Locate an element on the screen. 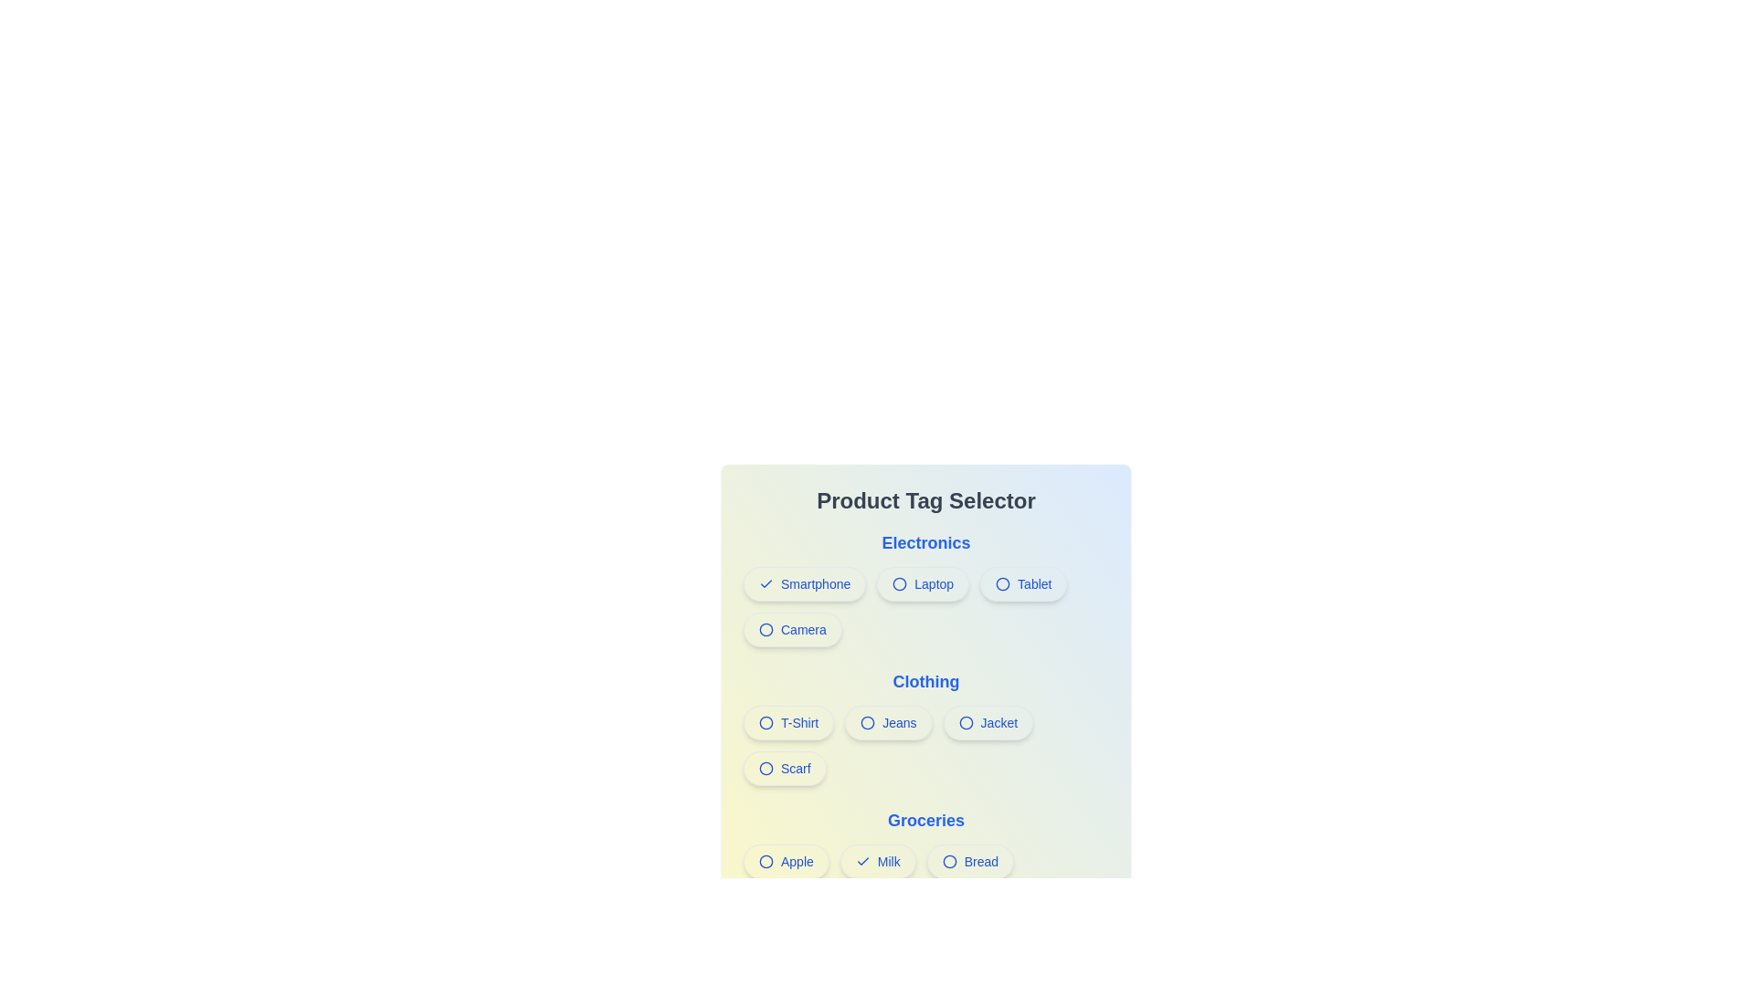 This screenshot has width=1754, height=986. the interactive button for selecting the 'Bread' category within the groceries section, located at the bottom-center of the interface is located at coordinates (925, 865).